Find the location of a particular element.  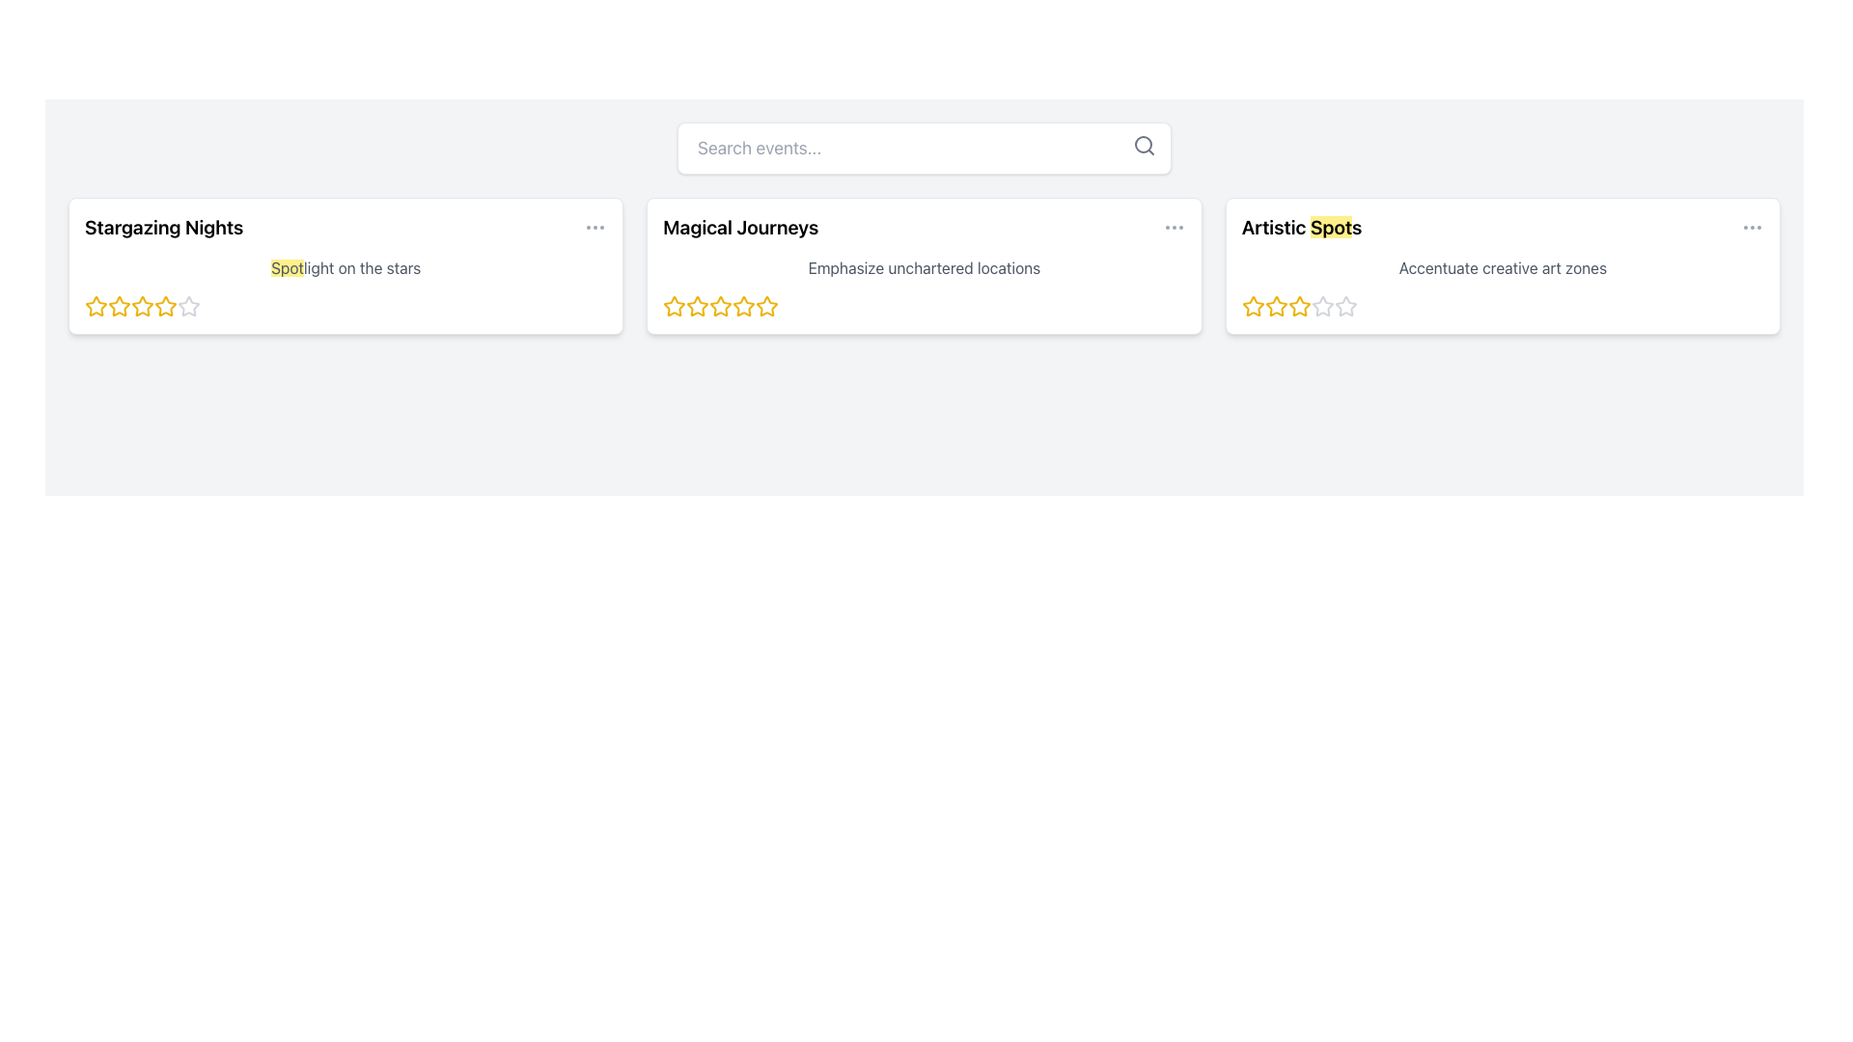

text content of the Text Label element displaying 'light on the stars', which is located adjacent to 'Spot' in the description area of the first card is located at coordinates (362, 267).